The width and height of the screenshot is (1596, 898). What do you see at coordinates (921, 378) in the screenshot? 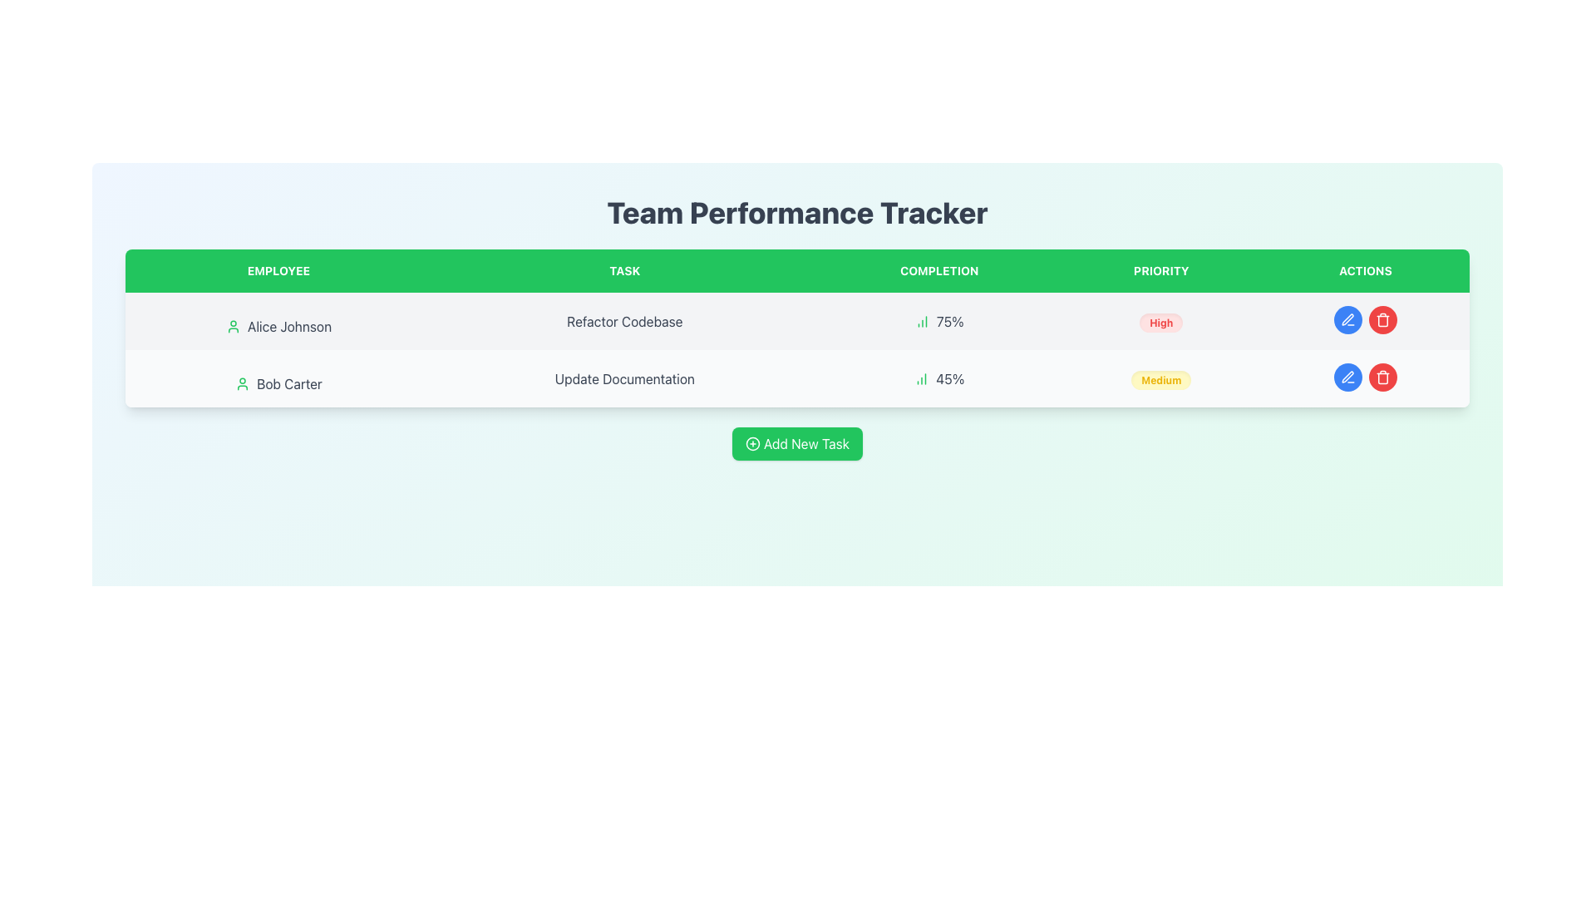
I see `the small green bar chart icon located next to the '45%' percentage text in the 'Completion' column of the second row in the 'Team Performance Tracker' table` at bounding box center [921, 378].